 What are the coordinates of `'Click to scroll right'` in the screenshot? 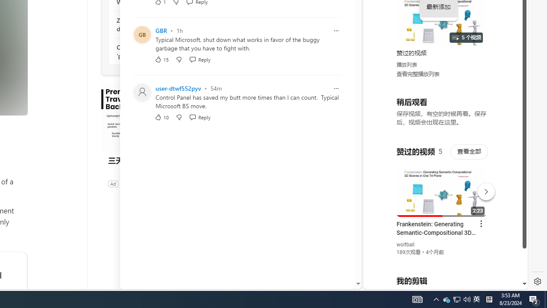 It's located at (511, 35).